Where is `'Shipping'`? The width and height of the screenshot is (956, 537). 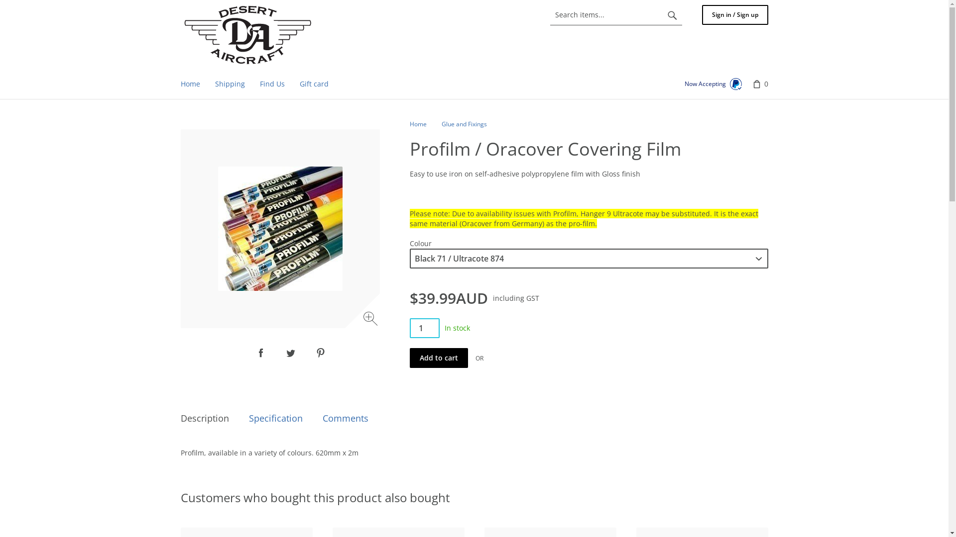
'Shipping' is located at coordinates (229, 84).